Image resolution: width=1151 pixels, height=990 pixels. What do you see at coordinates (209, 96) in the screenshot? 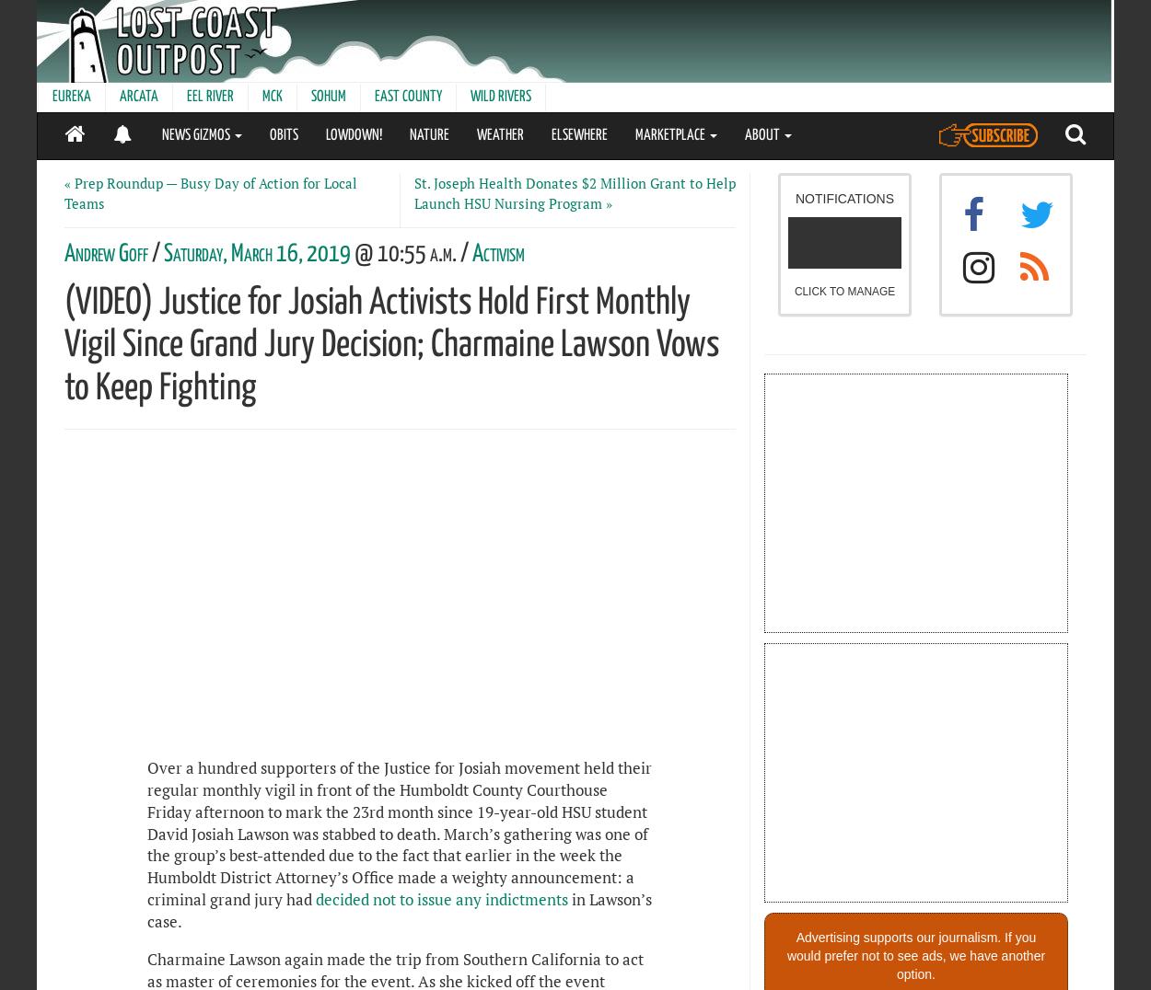
I see `'EEL RIVER'` at bounding box center [209, 96].